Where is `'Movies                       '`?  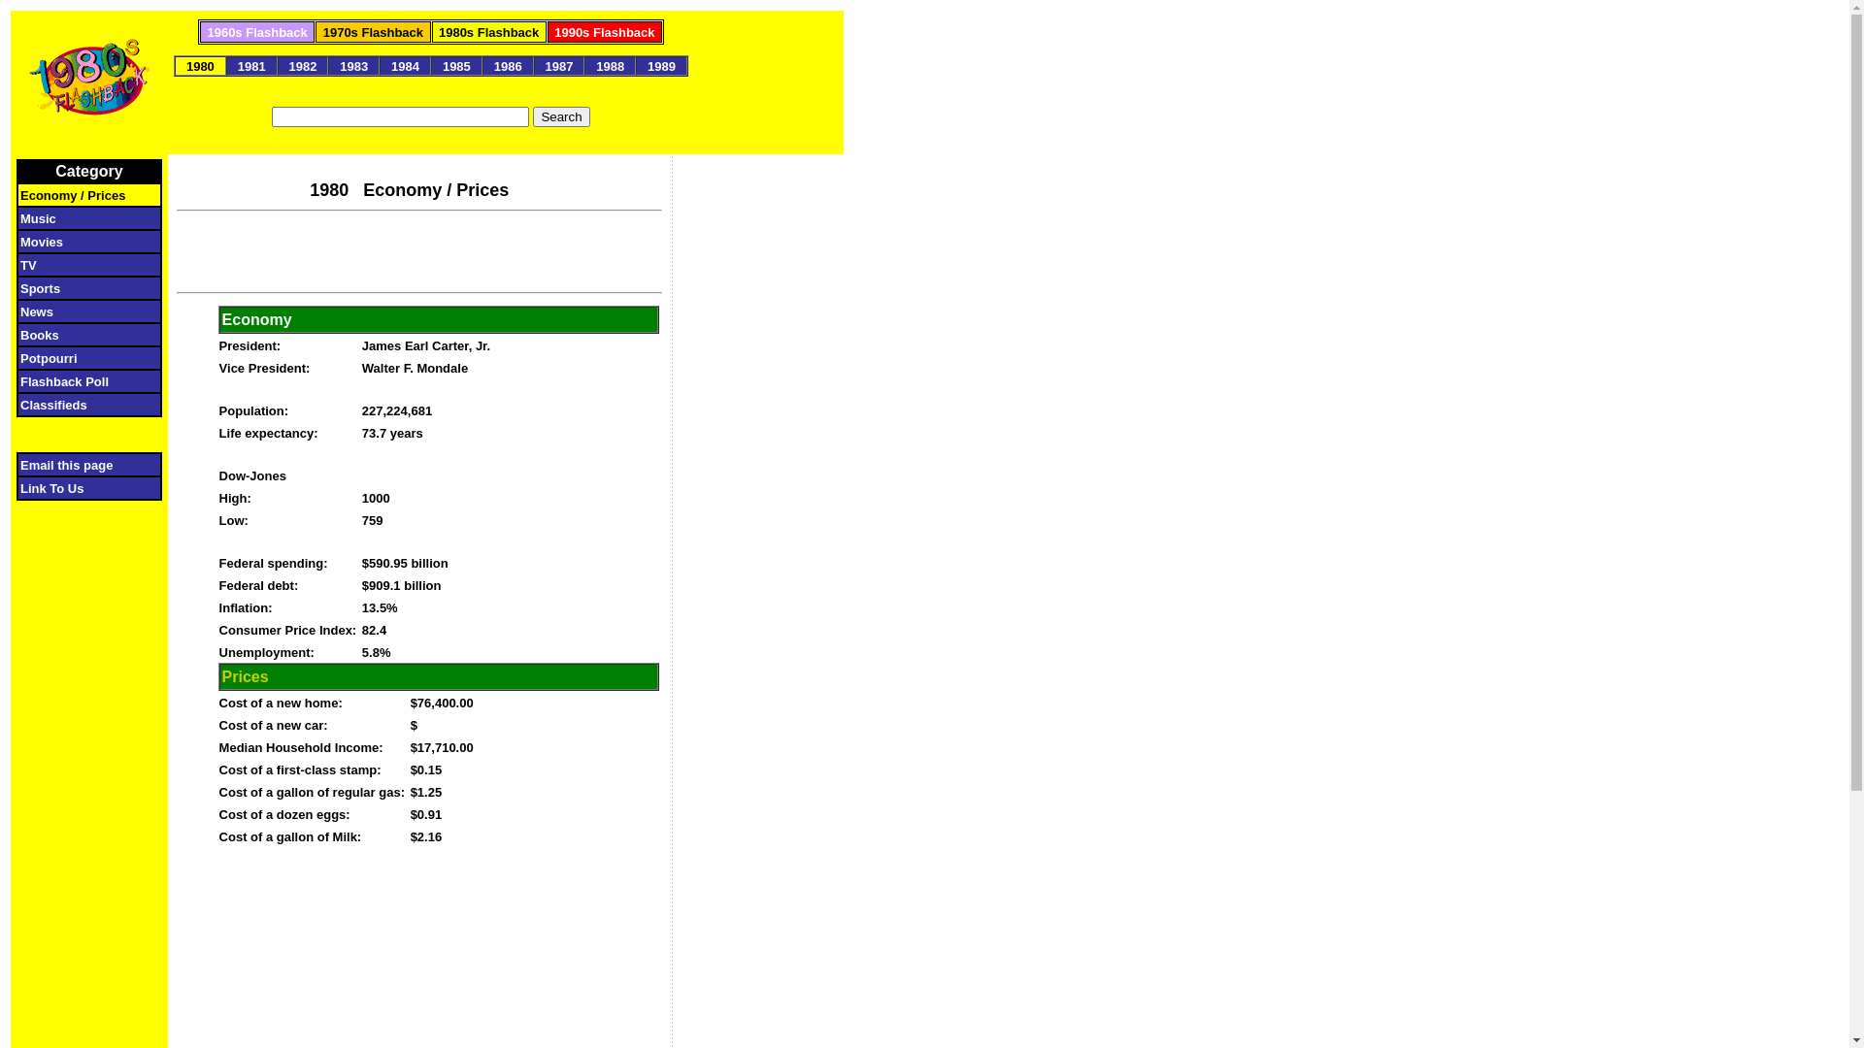
'Movies                       ' is located at coordinates (81, 240).